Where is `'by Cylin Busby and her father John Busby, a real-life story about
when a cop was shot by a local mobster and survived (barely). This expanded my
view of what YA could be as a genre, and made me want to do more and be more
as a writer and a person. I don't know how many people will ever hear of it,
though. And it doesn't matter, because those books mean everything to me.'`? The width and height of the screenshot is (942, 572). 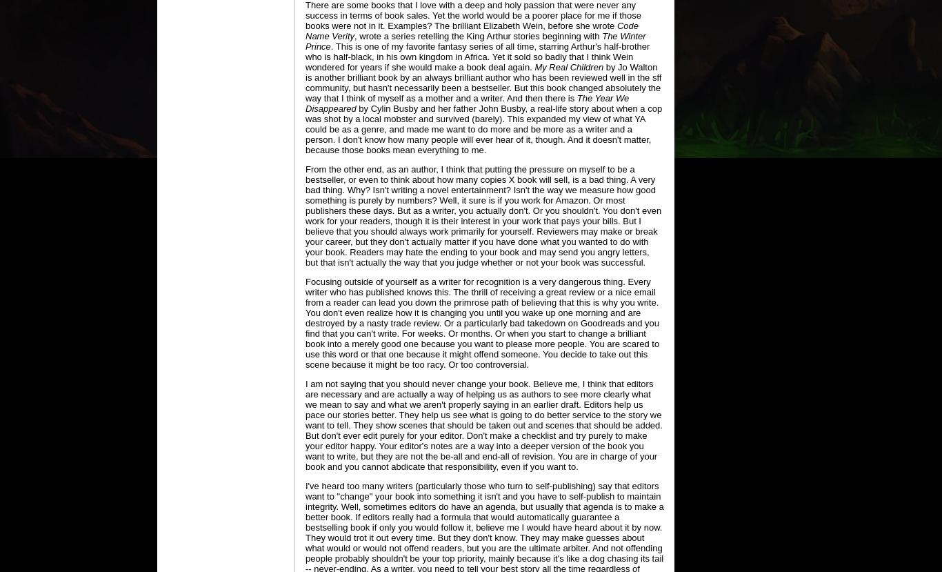 'by Cylin Busby and her father John Busby, a real-life story about
when a cop was shot by a local mobster and survived (barely). This expanded my
view of what YA could be as a genre, and made me want to do more and be more
as a writer and a person. I don't know how many people will ever hear of it,
though. And it doesn't matter, because those books mean everything to me.' is located at coordinates (483, 129).